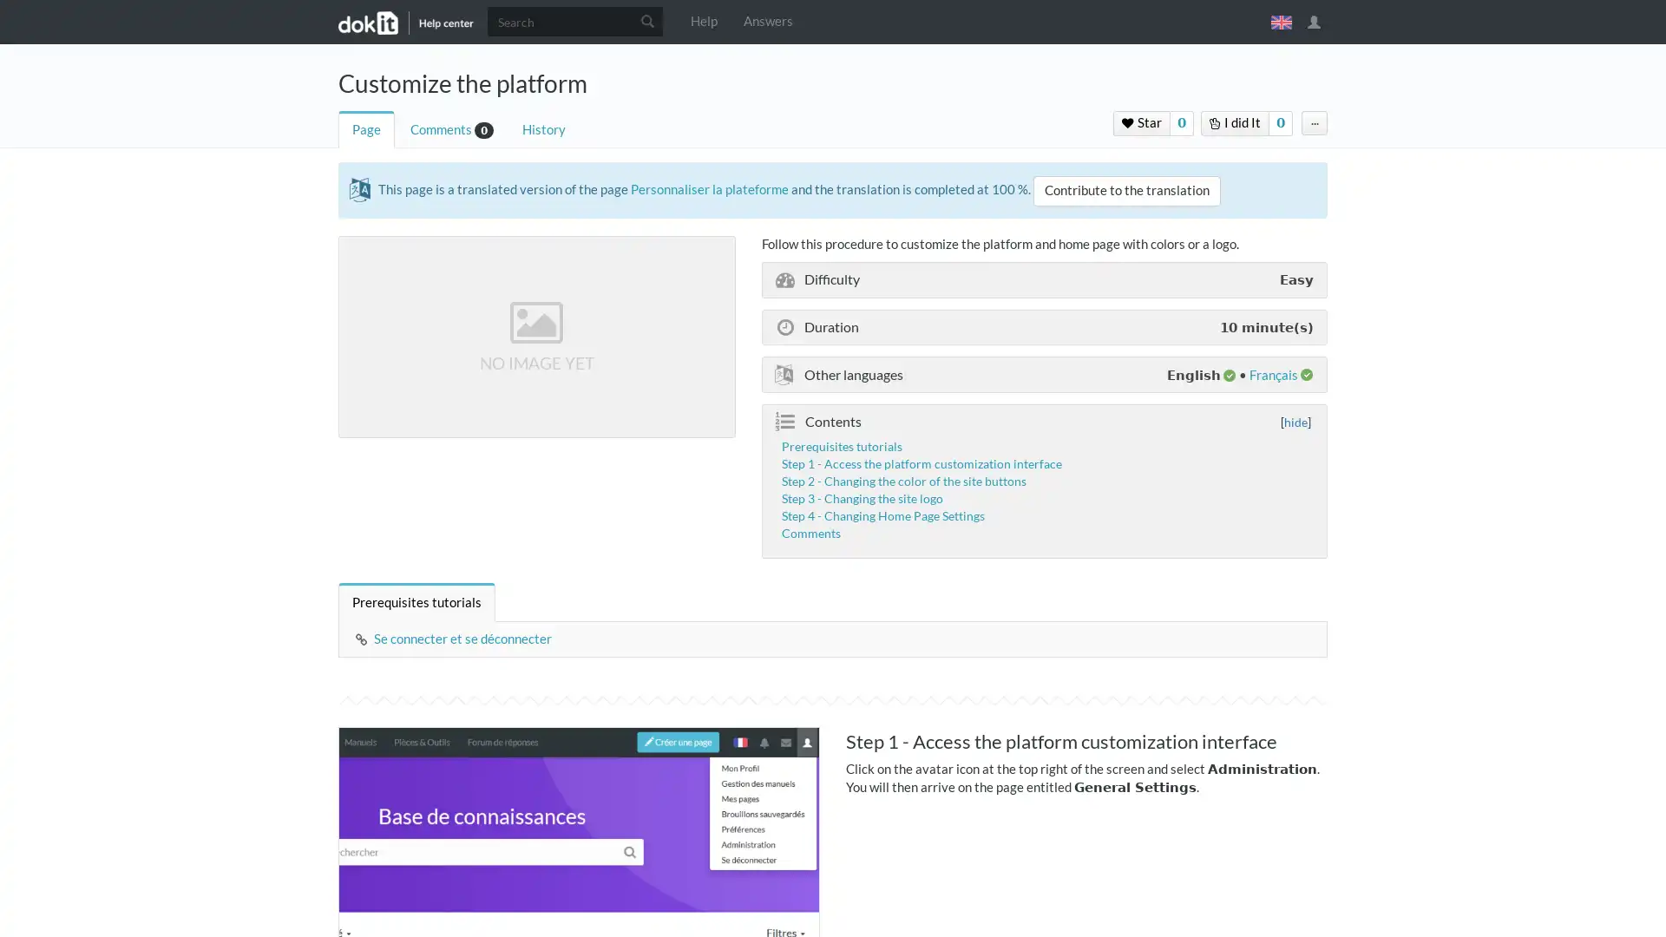 This screenshot has height=937, width=1666. What do you see at coordinates (1181, 122) in the screenshot?
I see `0` at bounding box center [1181, 122].